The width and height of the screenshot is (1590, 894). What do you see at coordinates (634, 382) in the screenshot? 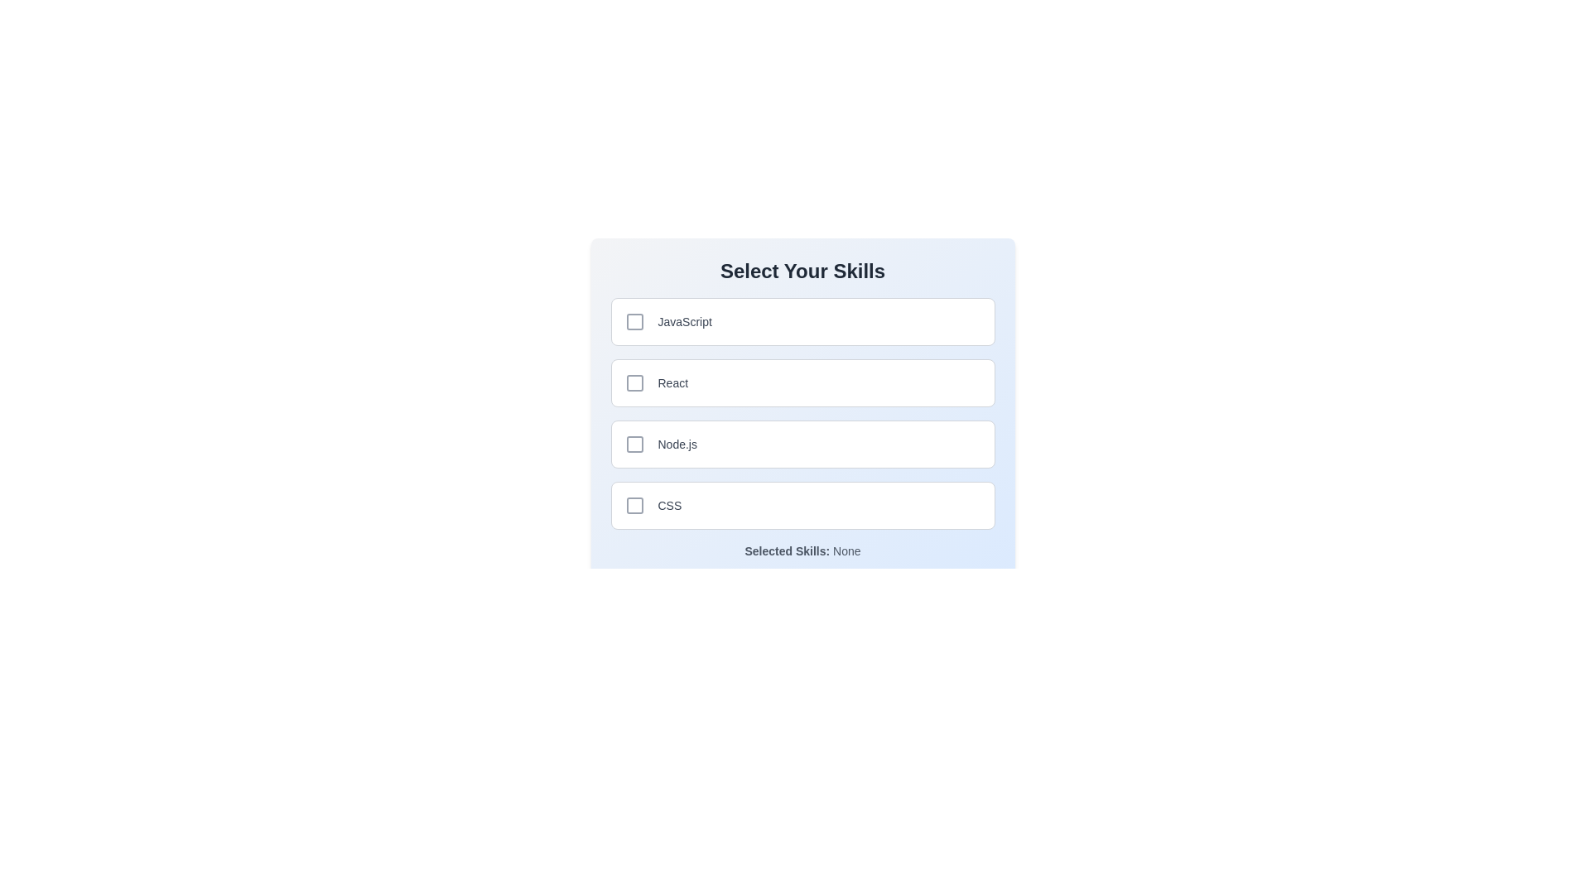
I see `the checkbox located to the left of the 'React' label in the skill selection list, which is visually represented as a square-shaped icon with a thin gray border and rounded corners` at bounding box center [634, 382].